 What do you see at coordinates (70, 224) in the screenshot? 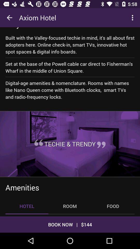
I see `book now   |   $144 icon` at bounding box center [70, 224].